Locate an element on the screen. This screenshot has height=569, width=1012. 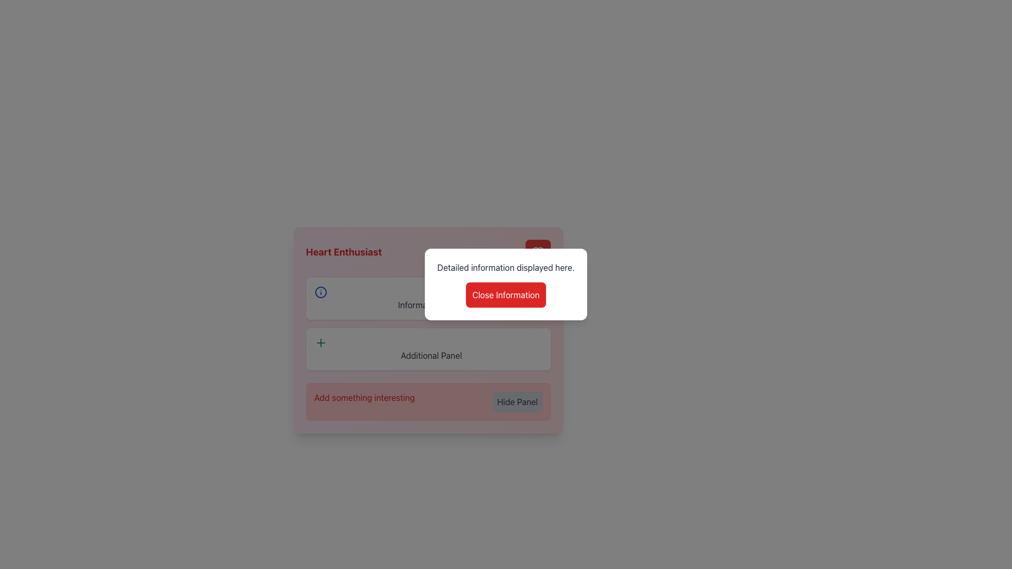
the static text element that provides the instruction 'Add something interesting' located near the bottom-left corner of the interface is located at coordinates (364, 402).